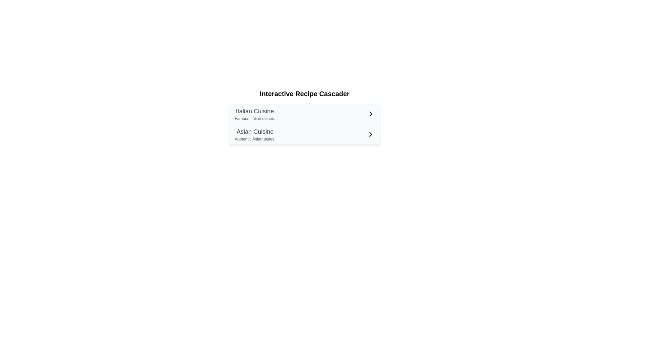 The height and width of the screenshot is (363, 646). I want to click on the text block titled 'Italian Cuisine' which is the first item in a vertical list of cuisine options, displaying a title in bold dark gray and a description in light gray, so click(254, 114).